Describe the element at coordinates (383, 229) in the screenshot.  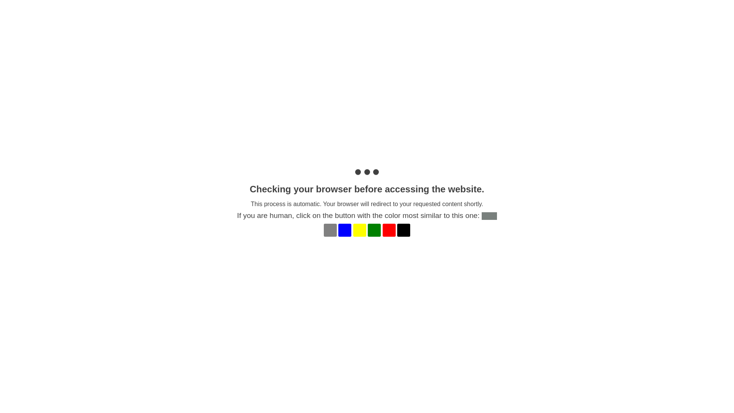
I see `'RED'` at that location.